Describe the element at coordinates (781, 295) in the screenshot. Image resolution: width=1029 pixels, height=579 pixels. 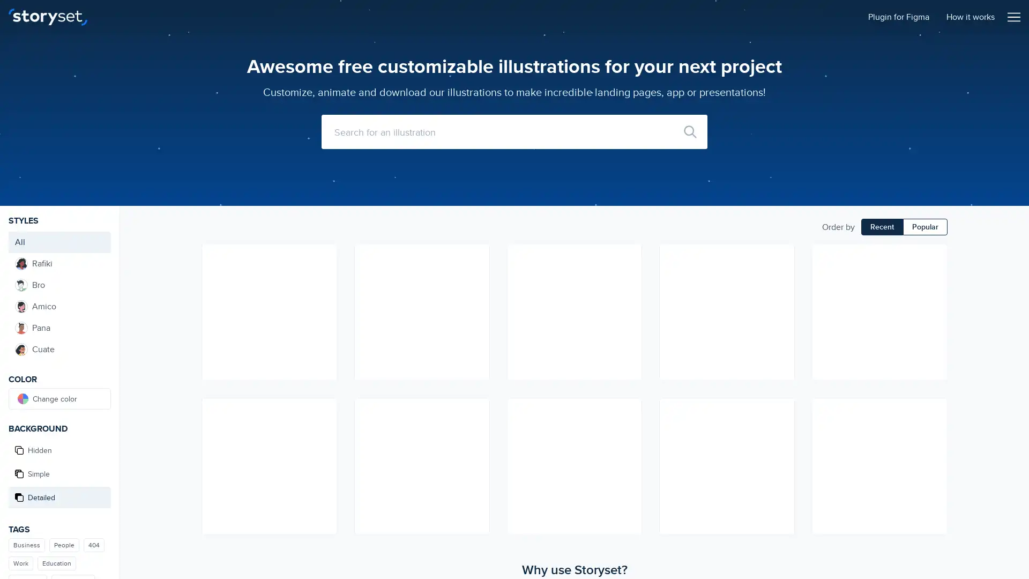
I see `Pinterest icon Save` at that location.